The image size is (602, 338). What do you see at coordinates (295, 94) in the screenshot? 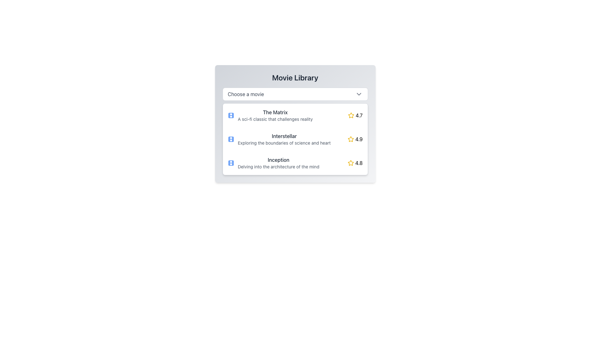
I see `the dropdown menu in the 'Movie Library' card` at bounding box center [295, 94].